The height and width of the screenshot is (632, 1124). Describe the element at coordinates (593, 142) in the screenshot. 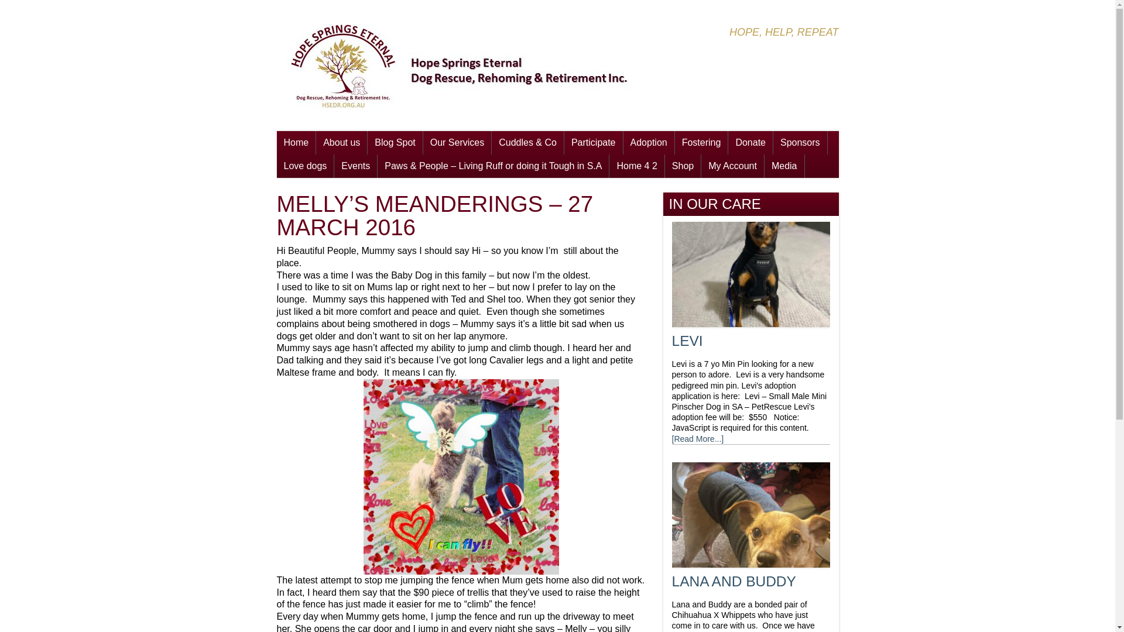

I see `'Participate'` at that location.